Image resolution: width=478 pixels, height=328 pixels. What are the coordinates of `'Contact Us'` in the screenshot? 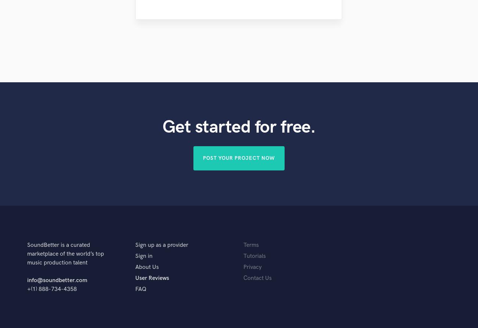 It's located at (243, 278).